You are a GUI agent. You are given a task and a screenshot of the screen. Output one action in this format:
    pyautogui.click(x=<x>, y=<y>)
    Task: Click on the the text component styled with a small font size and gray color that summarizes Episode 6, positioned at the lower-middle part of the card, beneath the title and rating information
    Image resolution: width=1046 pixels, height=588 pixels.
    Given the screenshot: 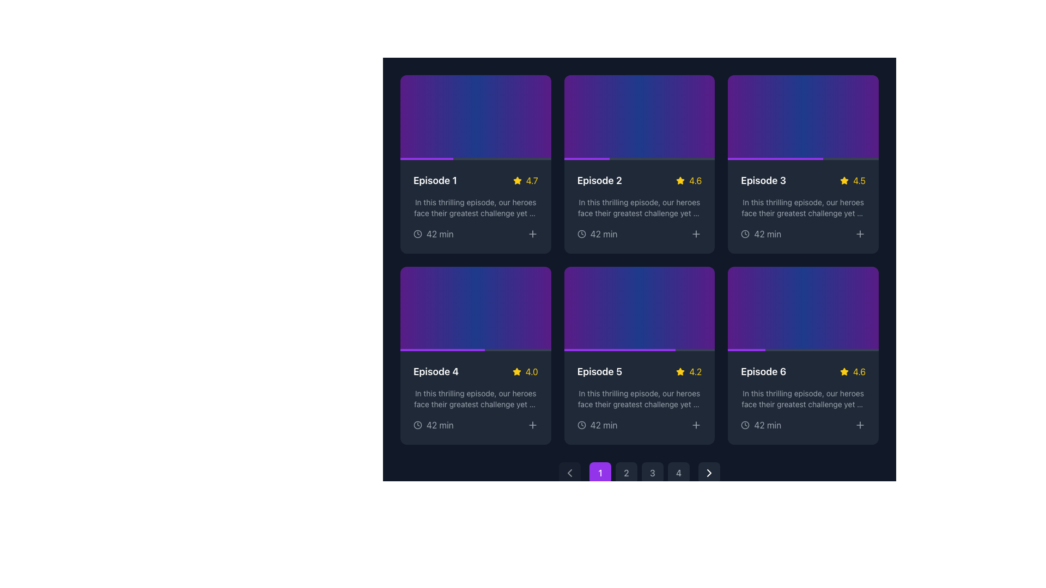 What is the action you would take?
    pyautogui.click(x=803, y=399)
    